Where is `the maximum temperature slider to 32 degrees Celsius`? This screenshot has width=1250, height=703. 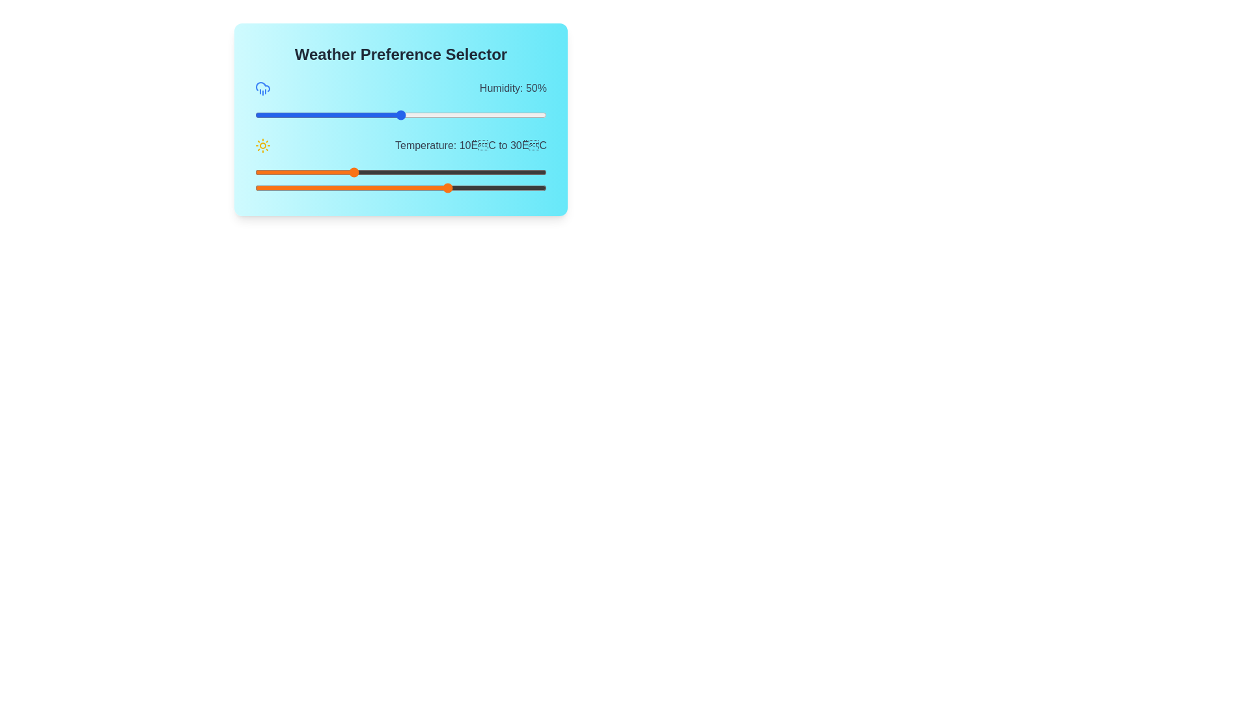
the maximum temperature slider to 32 degrees Celsius is located at coordinates (459, 188).